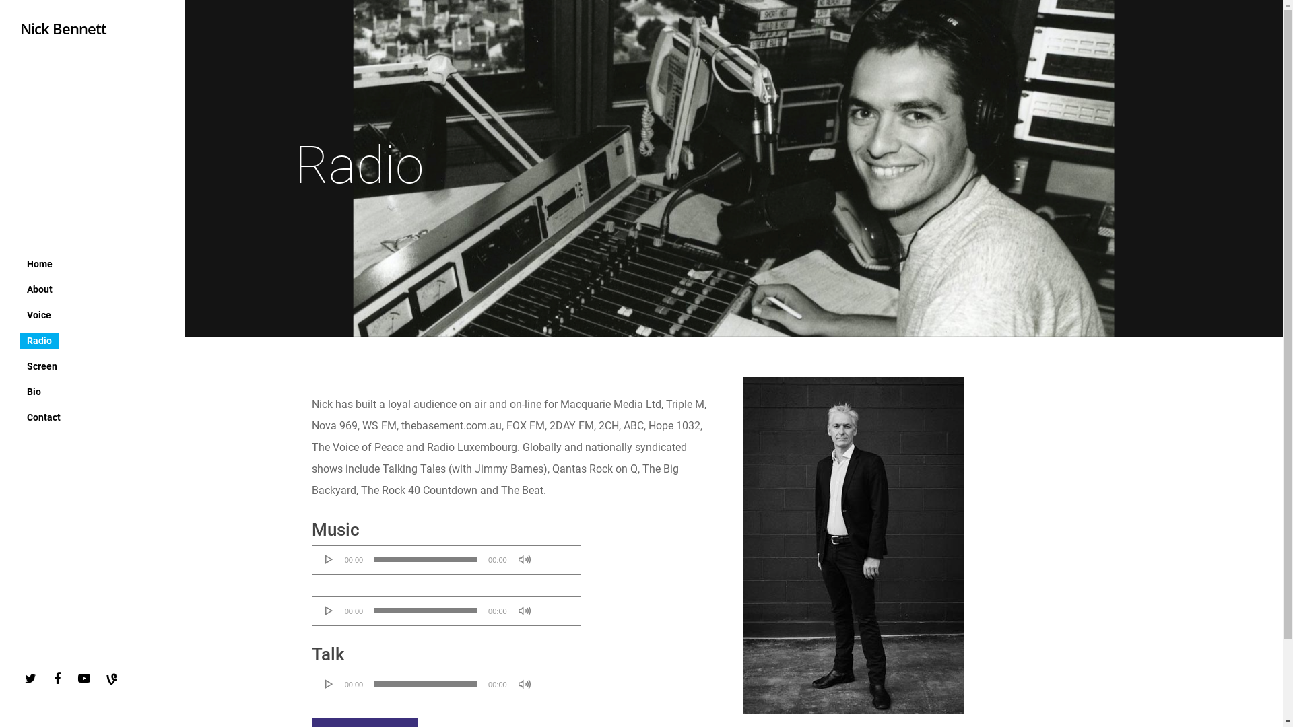  I want to click on 'Play', so click(323, 559).